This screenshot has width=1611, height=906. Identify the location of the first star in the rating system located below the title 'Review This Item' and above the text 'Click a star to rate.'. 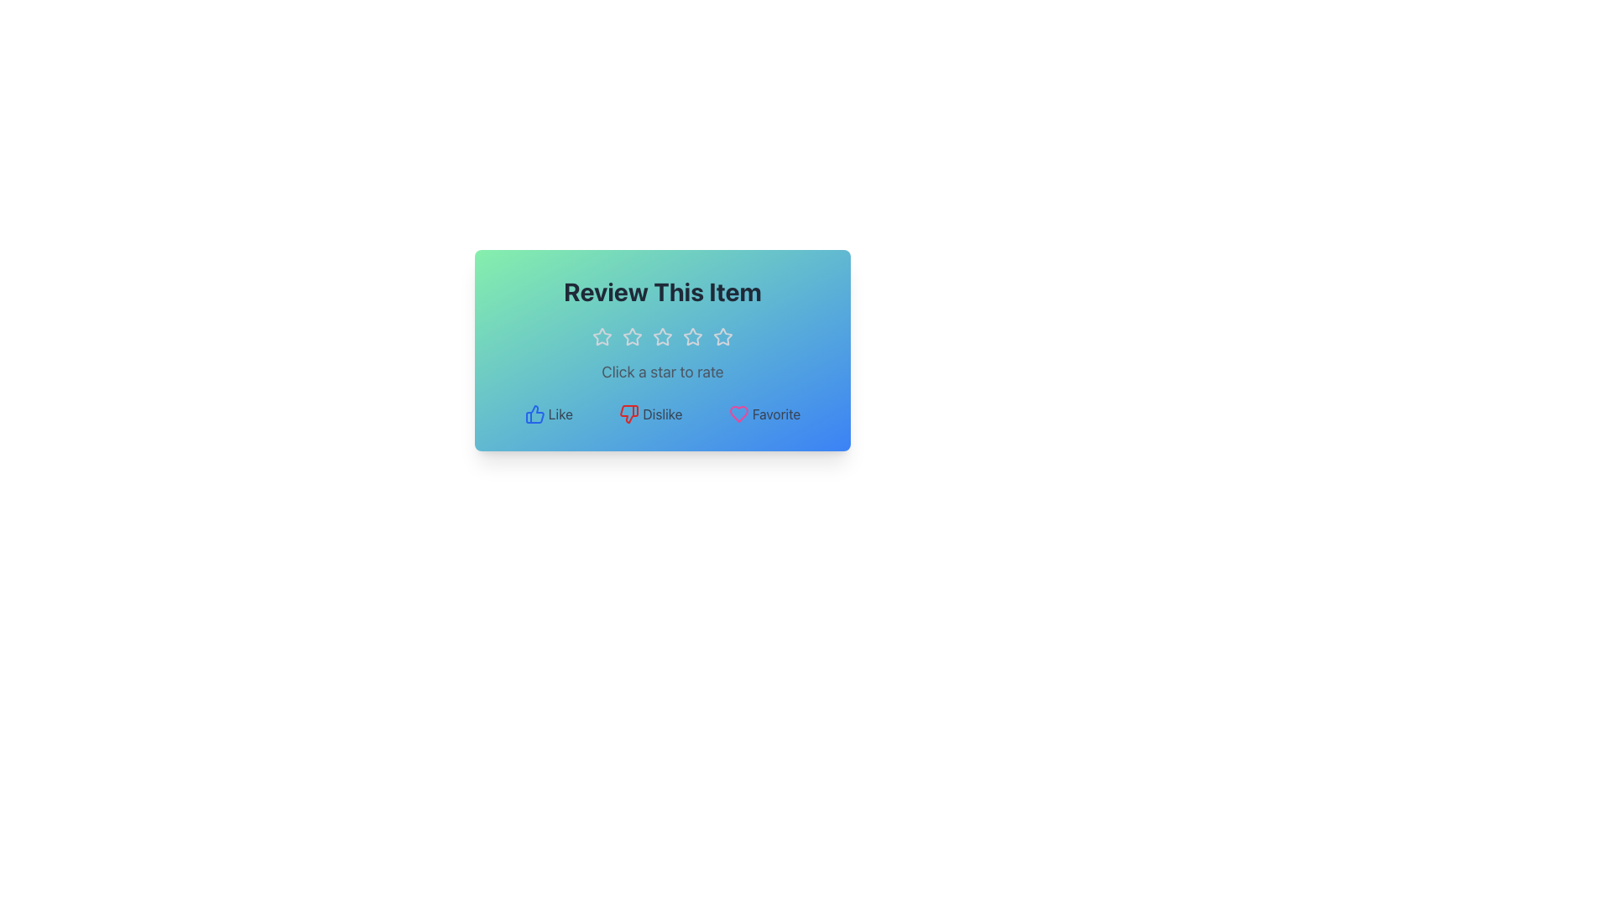
(602, 336).